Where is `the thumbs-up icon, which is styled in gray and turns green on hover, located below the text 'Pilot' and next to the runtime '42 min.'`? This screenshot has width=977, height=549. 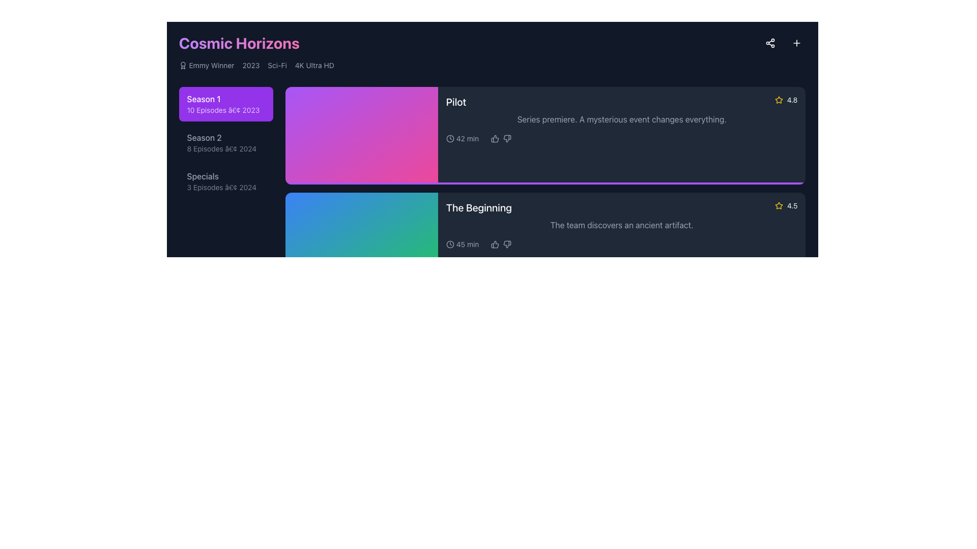 the thumbs-up icon, which is styled in gray and turns green on hover, located below the text 'Pilot' and next to the runtime '42 min.' is located at coordinates (495, 139).